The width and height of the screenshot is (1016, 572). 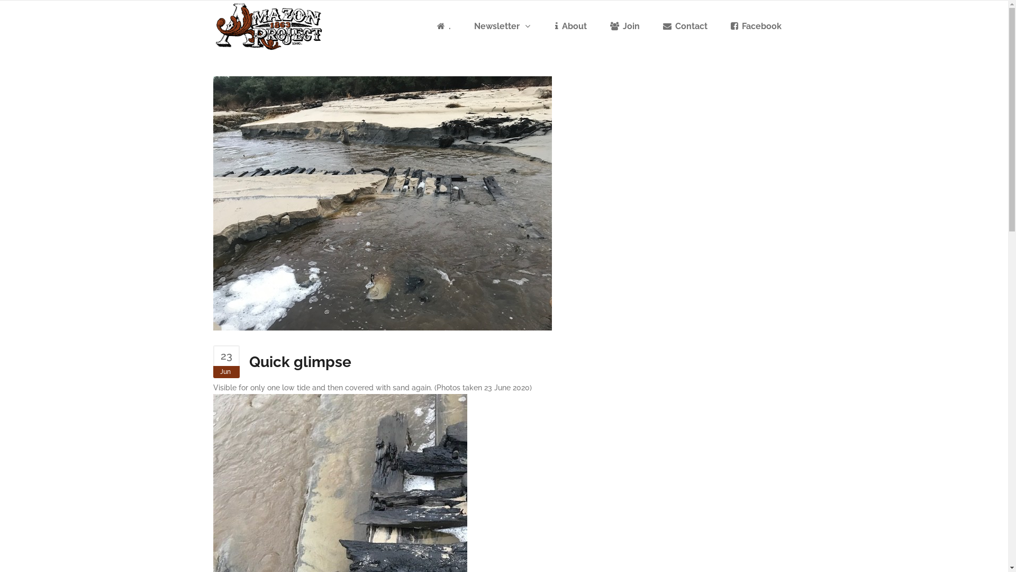 I want to click on 'Facebook', so click(x=755, y=26).